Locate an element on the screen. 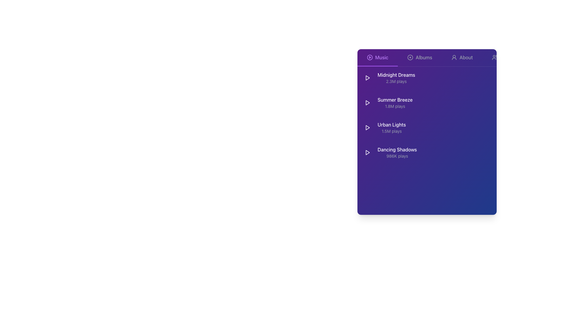 The width and height of the screenshot is (570, 320). the 'like' button for the song 'Midnight Dreams' located in the top-right corner of the song section is located at coordinates (470, 77).